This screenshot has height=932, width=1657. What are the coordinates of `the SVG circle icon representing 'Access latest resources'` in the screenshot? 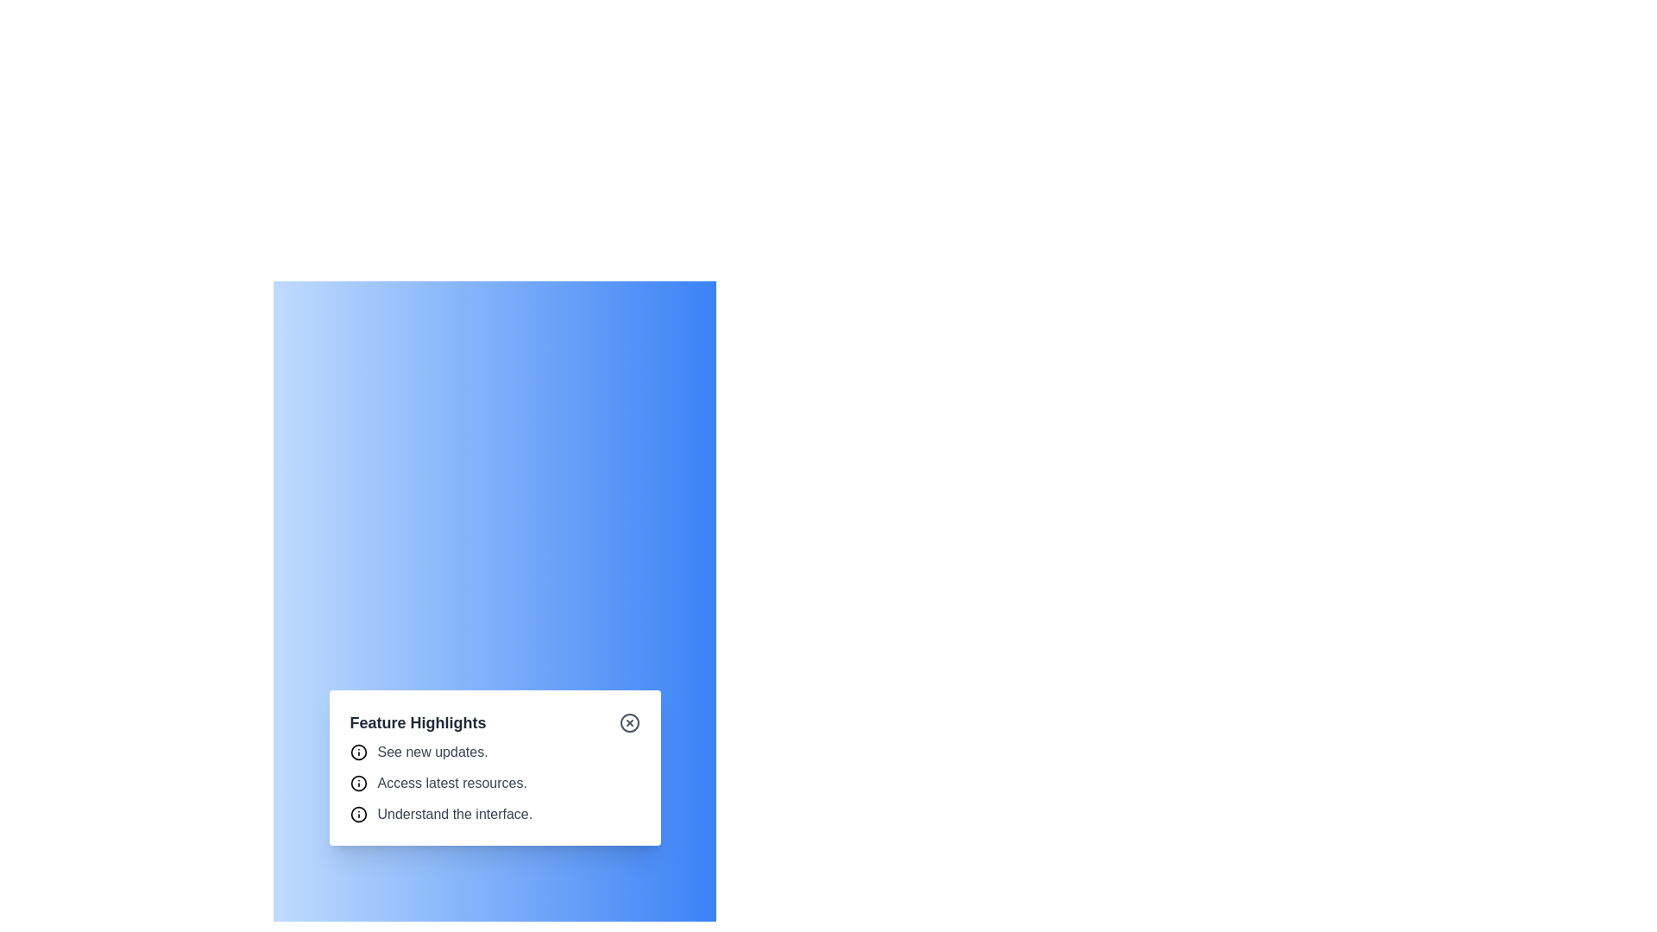 It's located at (357, 783).